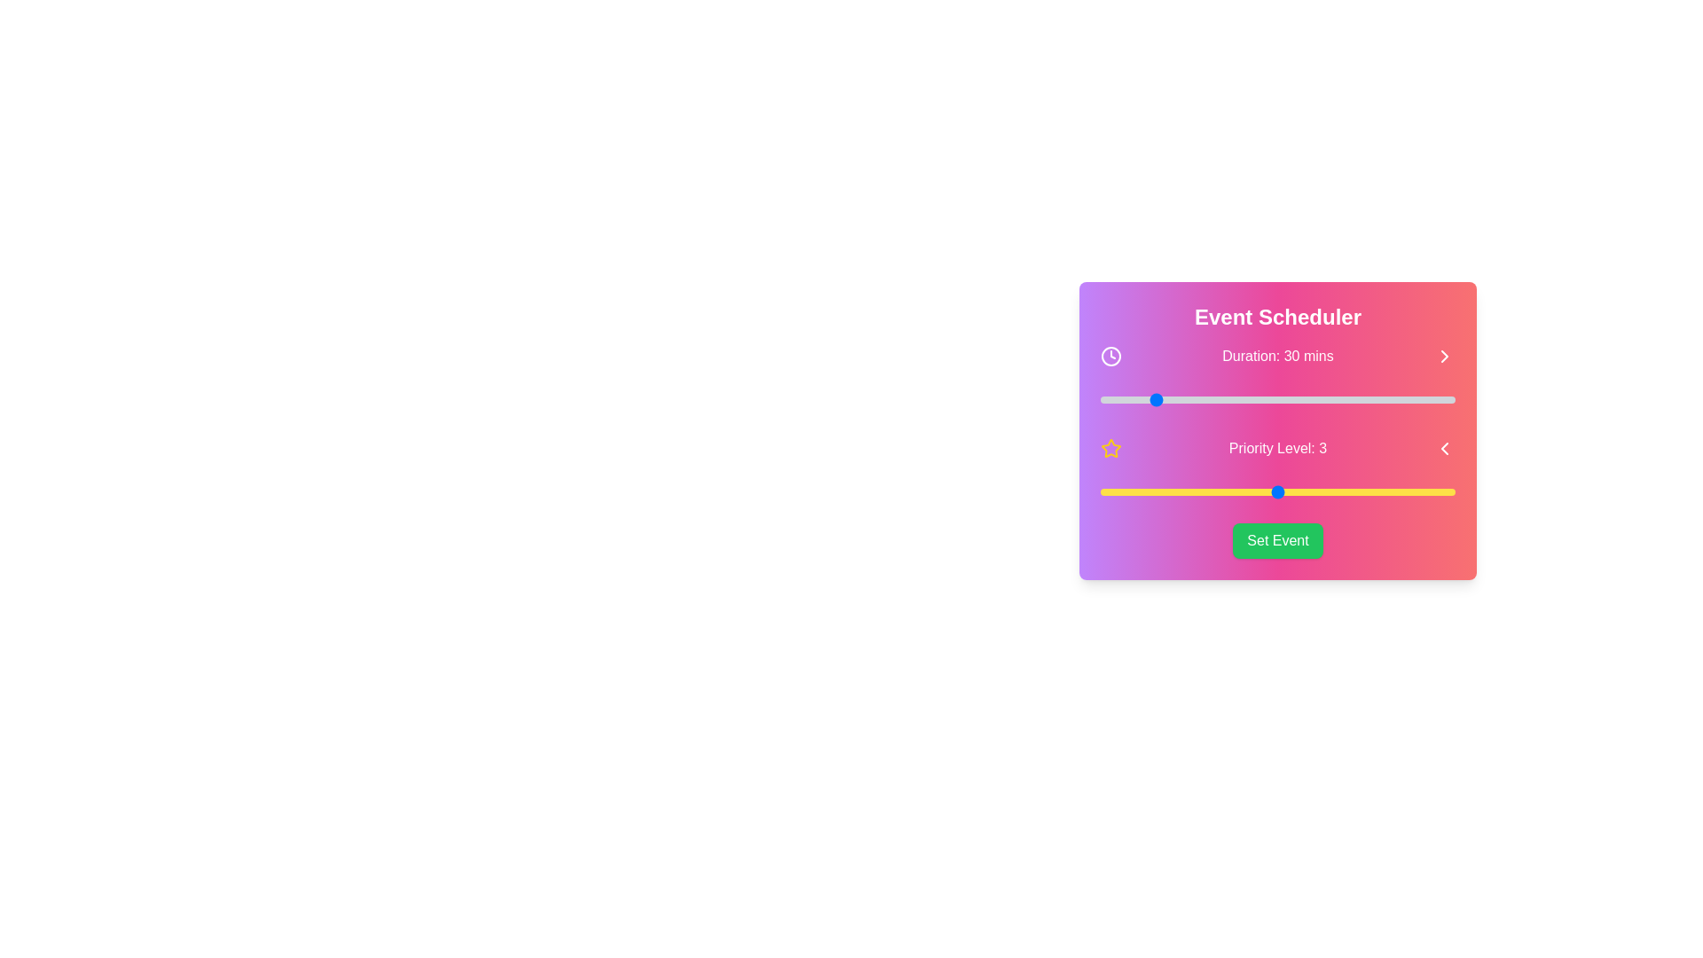 The width and height of the screenshot is (1703, 958). What do you see at coordinates (1189, 492) in the screenshot?
I see `priority level` at bounding box center [1189, 492].